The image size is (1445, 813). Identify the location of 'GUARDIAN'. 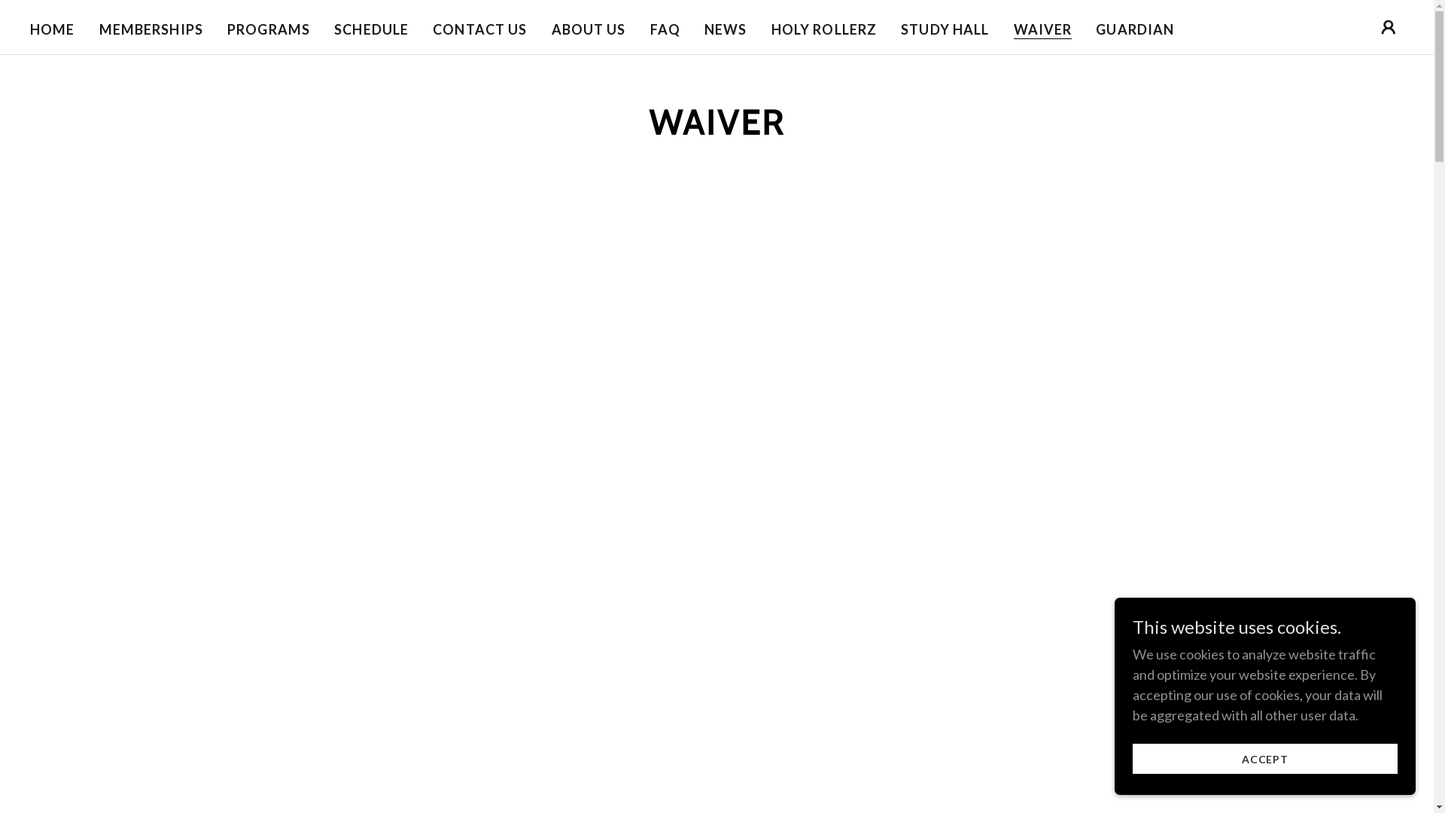
(1091, 29).